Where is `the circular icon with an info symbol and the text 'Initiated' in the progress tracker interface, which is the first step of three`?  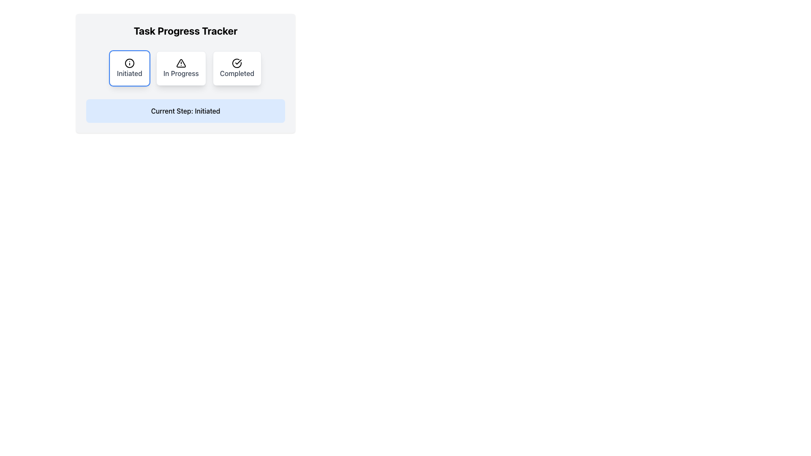 the circular icon with an info symbol and the text 'Initiated' in the progress tracker interface, which is the first step of three is located at coordinates (129, 68).